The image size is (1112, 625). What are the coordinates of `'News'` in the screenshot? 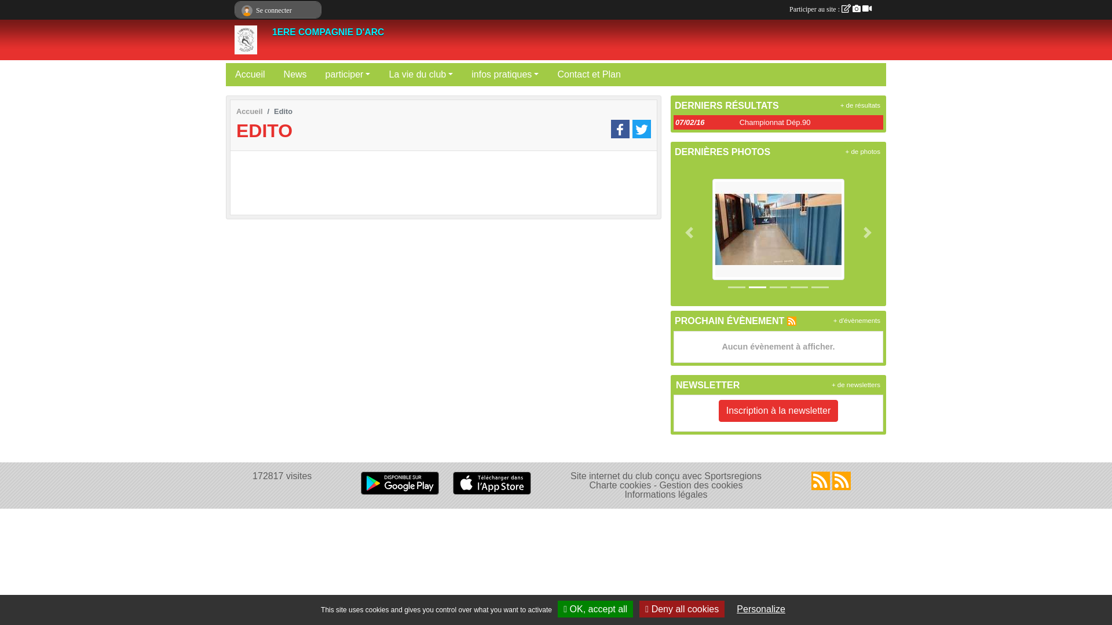 It's located at (295, 74).